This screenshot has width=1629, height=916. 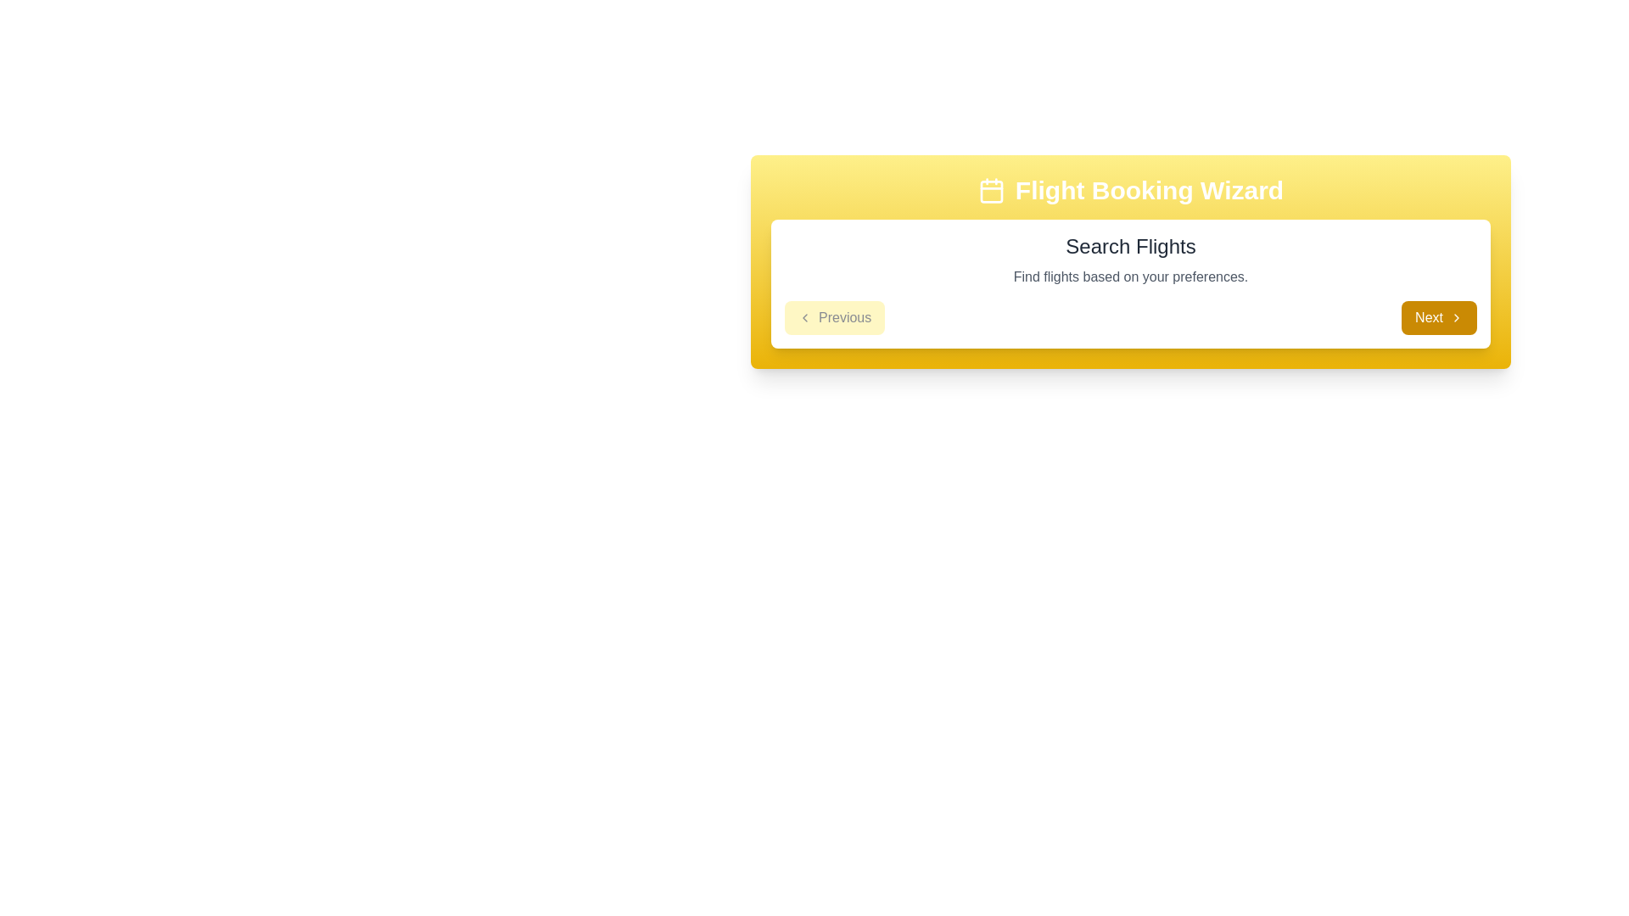 What do you see at coordinates (1456, 317) in the screenshot?
I see `the 'Next' button which contains the chevron icon indicating forward navigation` at bounding box center [1456, 317].